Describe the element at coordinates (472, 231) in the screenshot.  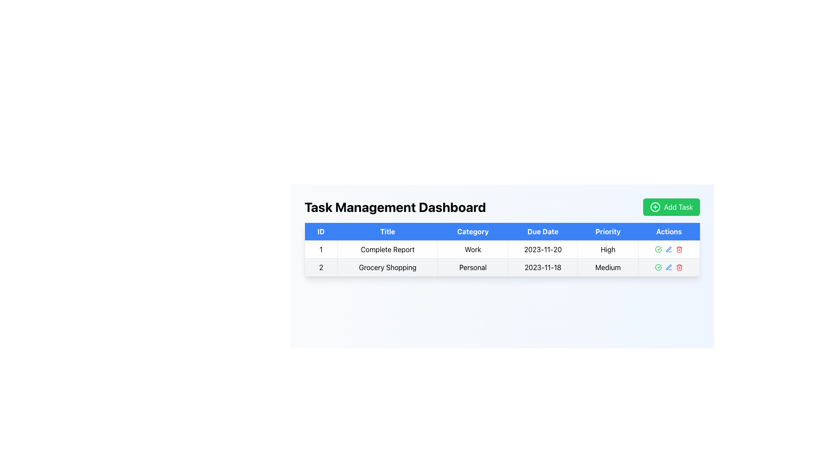
I see `text content of the Table Header Cell displaying 'Category', which is the third element in the header row of the table` at that location.